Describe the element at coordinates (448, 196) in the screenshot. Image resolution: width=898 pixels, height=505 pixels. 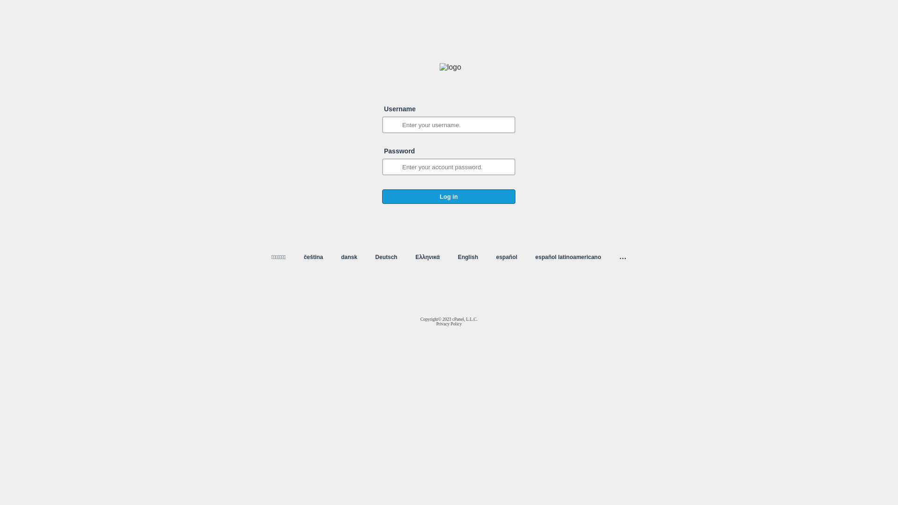
I see `'Log in'` at that location.